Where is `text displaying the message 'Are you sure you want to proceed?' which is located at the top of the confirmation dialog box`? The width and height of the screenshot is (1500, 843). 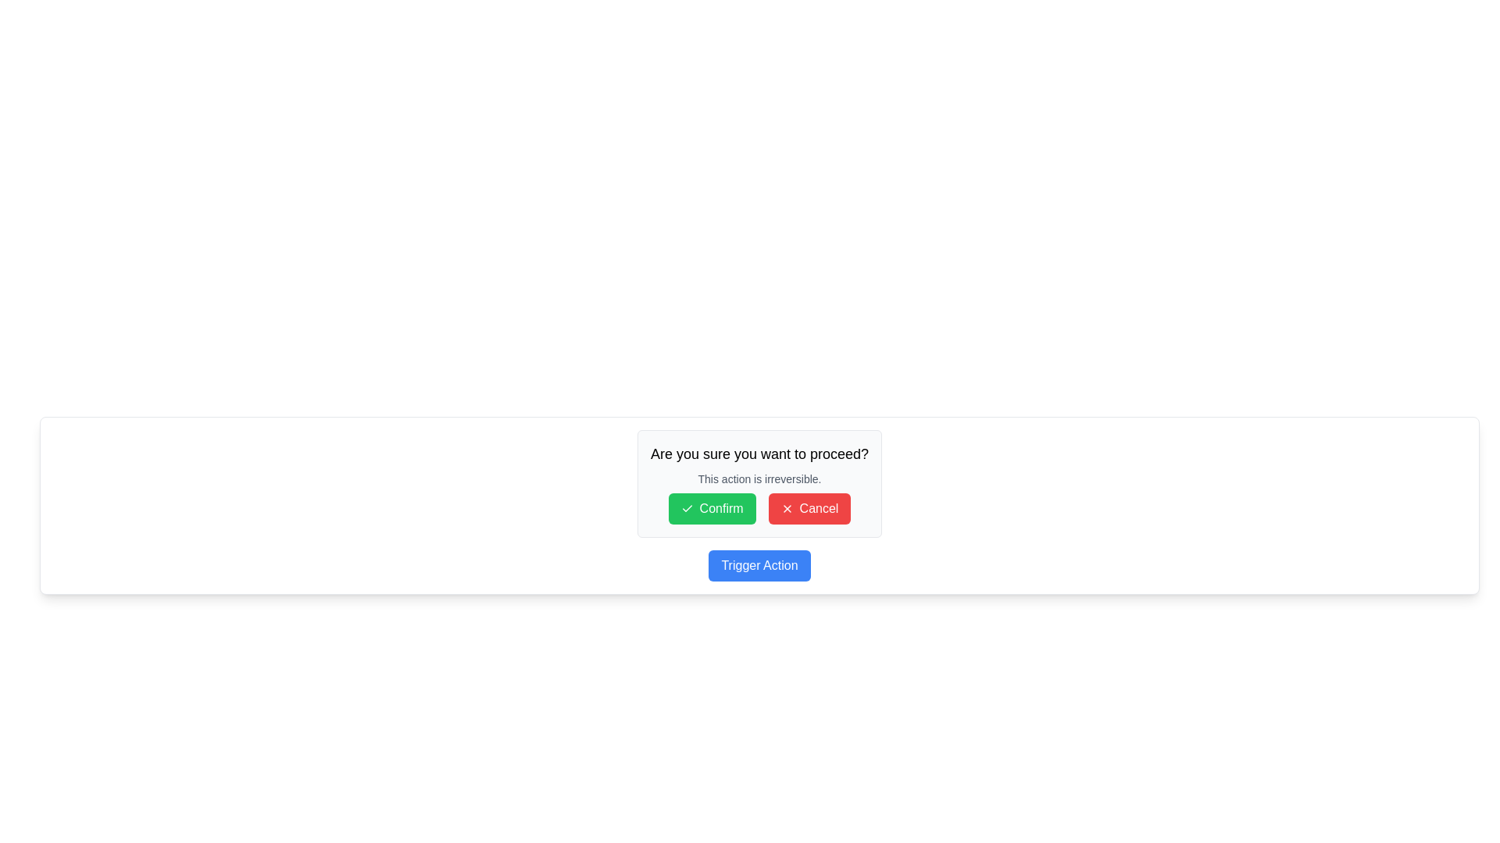
text displaying the message 'Are you sure you want to proceed?' which is located at the top of the confirmation dialog box is located at coordinates (759, 454).